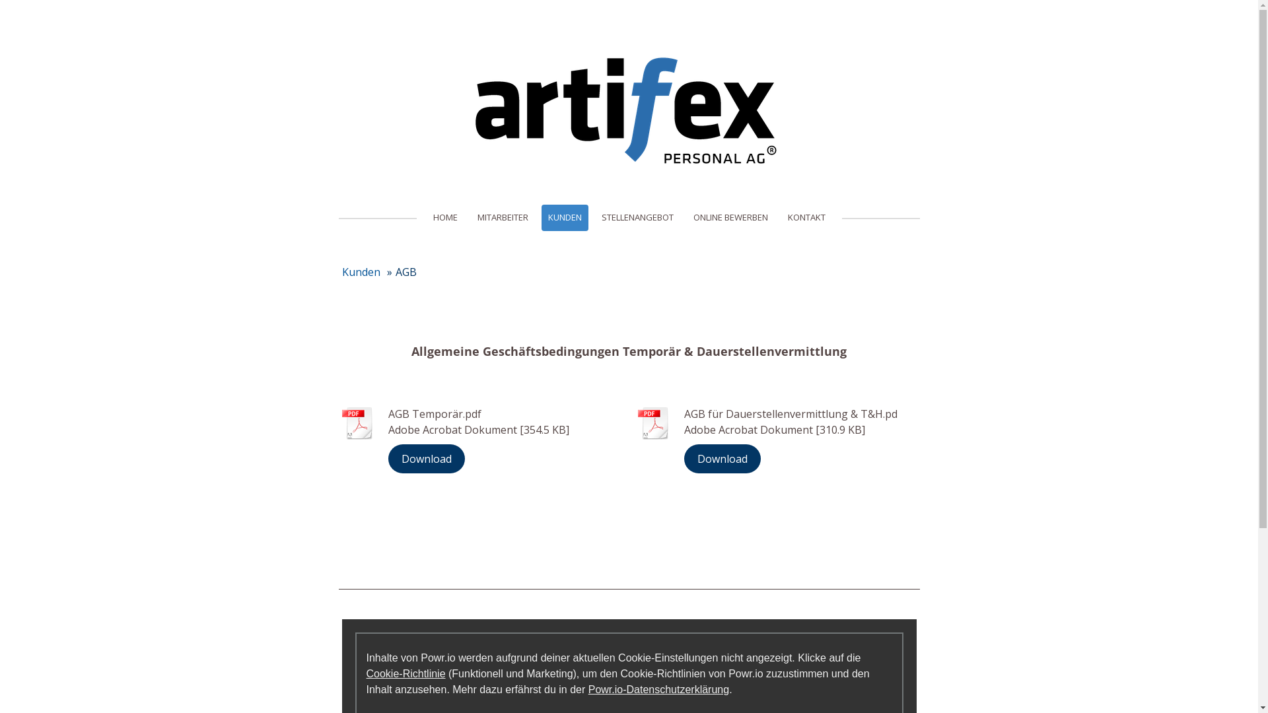  What do you see at coordinates (637, 217) in the screenshot?
I see `'STELLENANGEBOT'` at bounding box center [637, 217].